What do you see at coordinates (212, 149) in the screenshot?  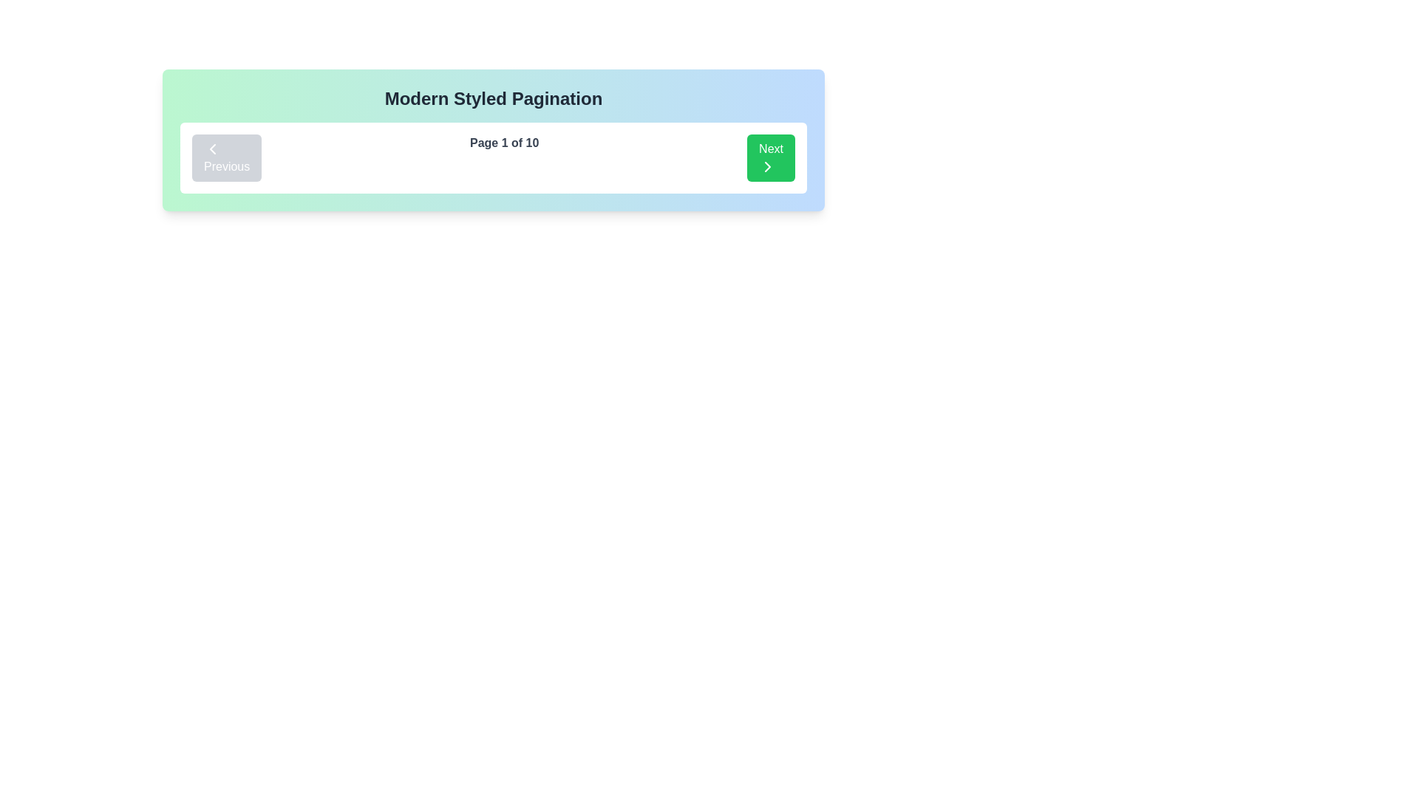 I see `the graphical indicator of the 'Previous' button in the pagination interface, located at the left side of the pagination bar` at bounding box center [212, 149].